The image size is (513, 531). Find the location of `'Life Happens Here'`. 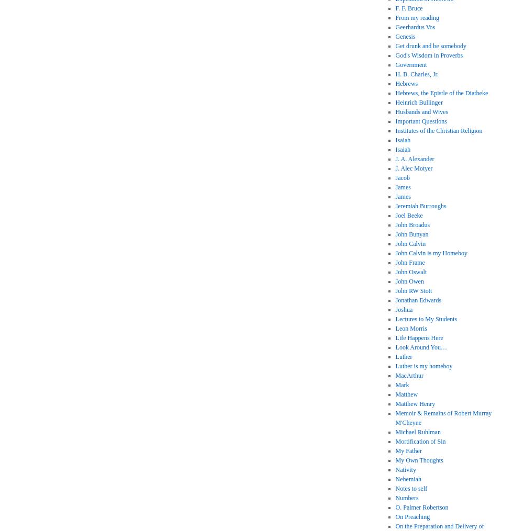

'Life Happens Here' is located at coordinates (419, 337).